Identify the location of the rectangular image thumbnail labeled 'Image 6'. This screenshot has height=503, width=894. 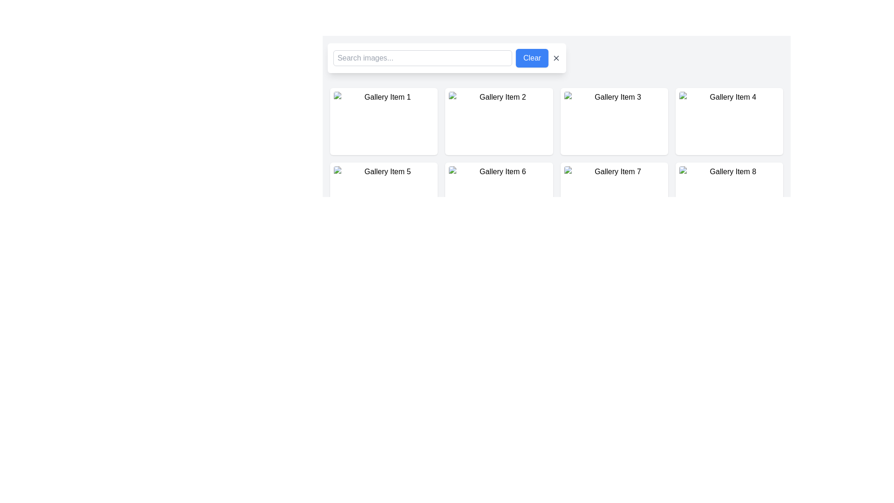
(498, 195).